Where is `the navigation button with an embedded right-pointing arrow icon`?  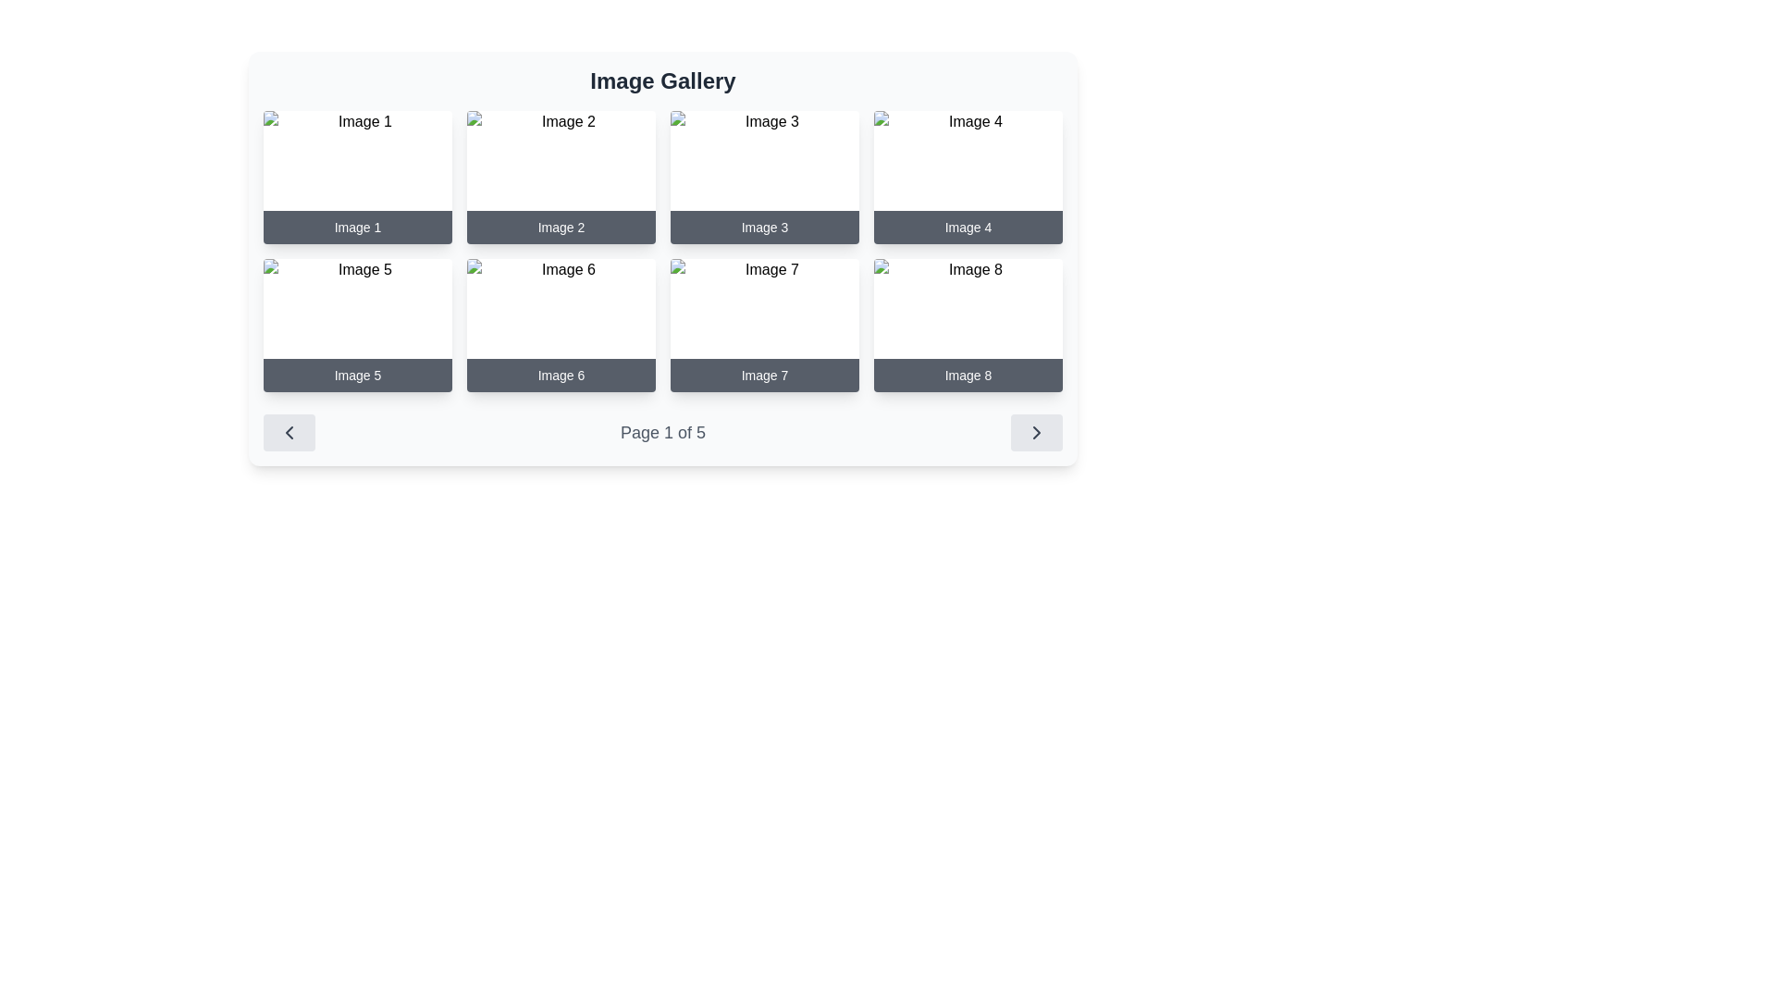
the navigation button with an embedded right-pointing arrow icon is located at coordinates (1037, 432).